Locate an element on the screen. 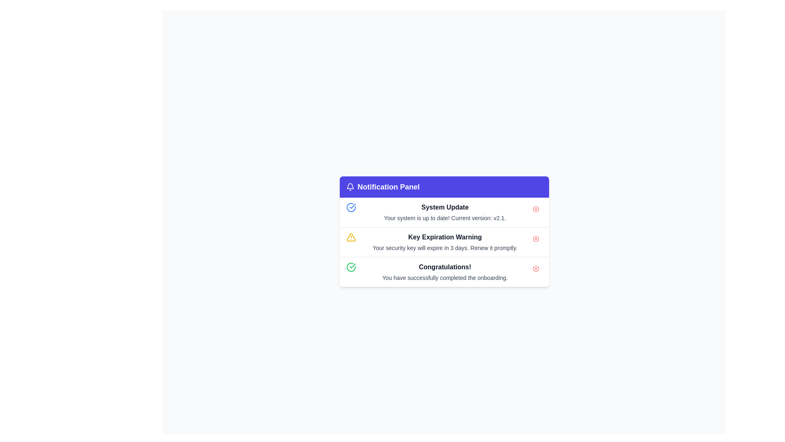  the third notification message row that indicates the successful completion of the onboarding process is located at coordinates (444, 272).